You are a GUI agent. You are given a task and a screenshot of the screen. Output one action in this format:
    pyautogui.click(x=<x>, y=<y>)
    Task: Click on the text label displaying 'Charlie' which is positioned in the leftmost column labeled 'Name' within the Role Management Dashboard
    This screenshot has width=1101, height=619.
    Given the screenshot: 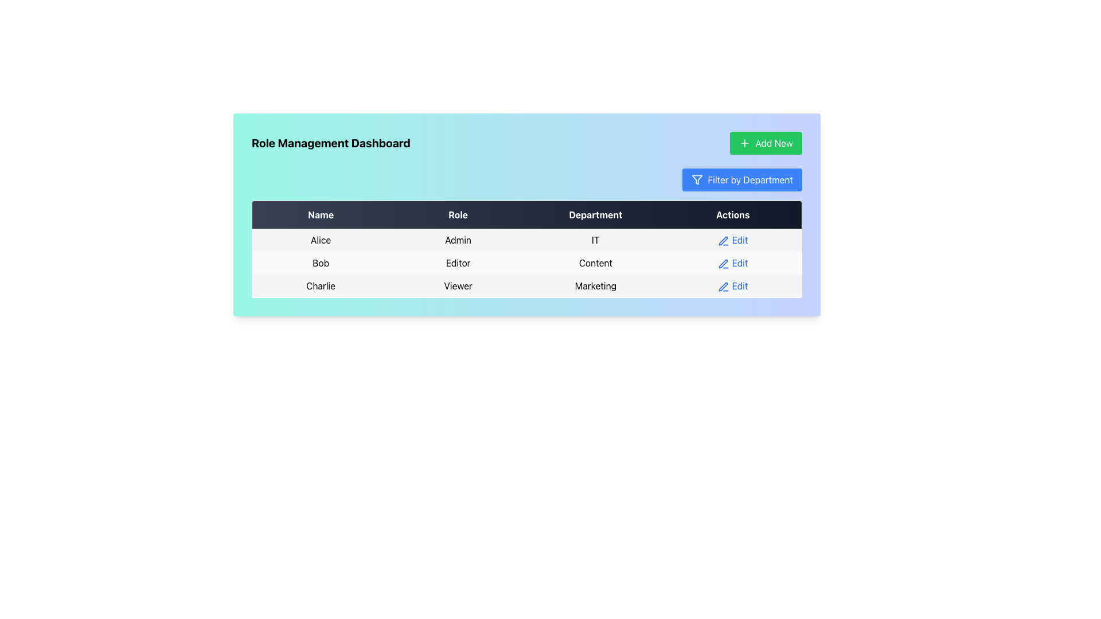 What is the action you would take?
    pyautogui.click(x=321, y=285)
    